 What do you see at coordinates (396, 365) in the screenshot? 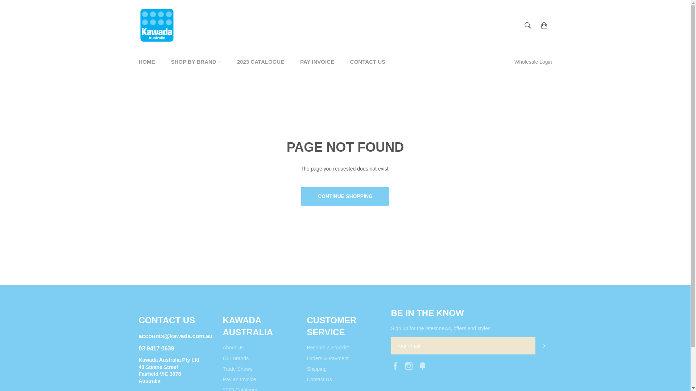
I see `'Facebook'` at bounding box center [396, 365].